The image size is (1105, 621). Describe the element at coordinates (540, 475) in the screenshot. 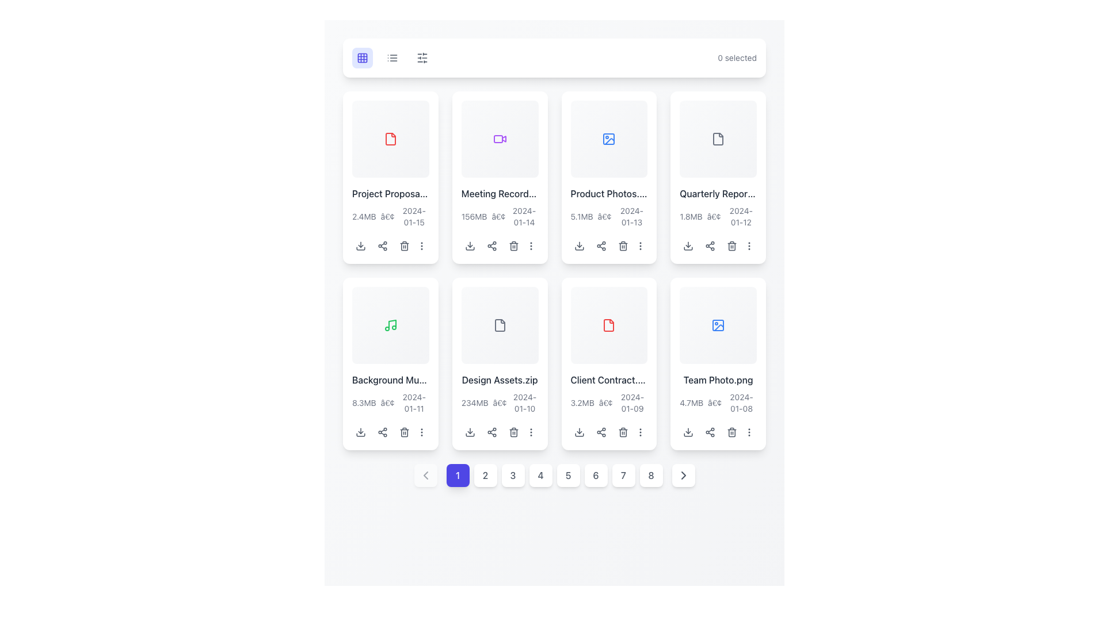

I see `the button labeled '4' in a square with rounded corners and a white background, located at the bottom center of the interface` at that location.